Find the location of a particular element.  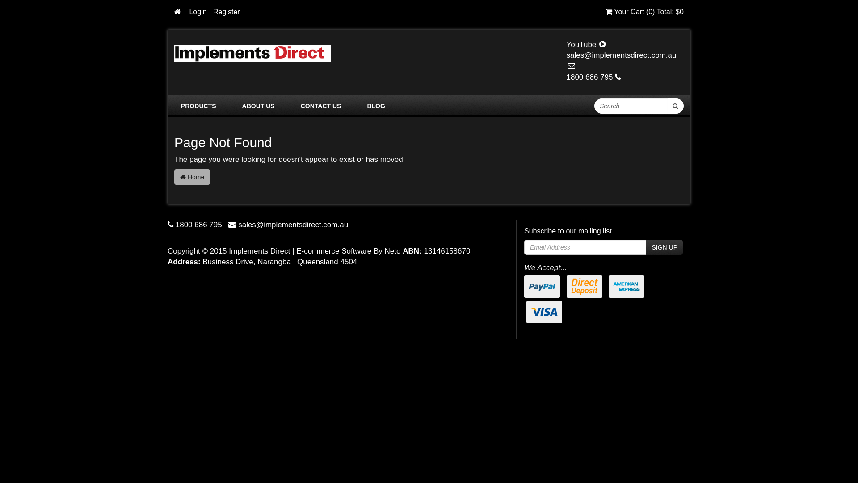

' ' is located at coordinates (178, 12).